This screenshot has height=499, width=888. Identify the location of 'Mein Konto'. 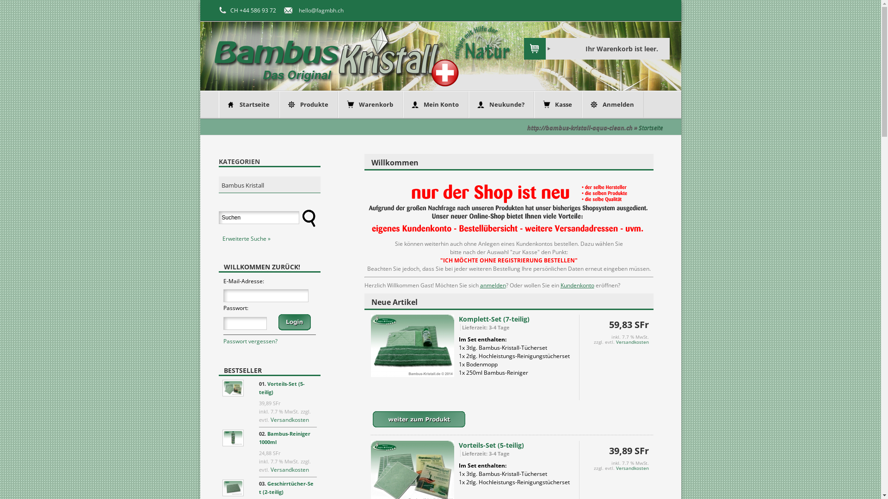
(441, 104).